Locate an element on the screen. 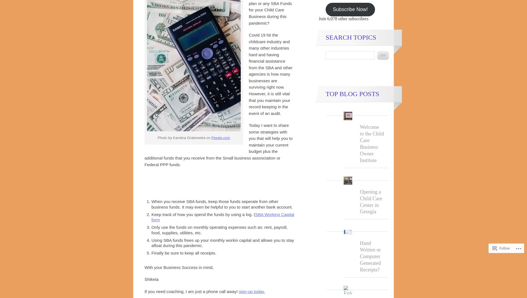 The image size is (527, 298). 'Welcome to the Child Care Business Owner Institute' is located at coordinates (371, 143).